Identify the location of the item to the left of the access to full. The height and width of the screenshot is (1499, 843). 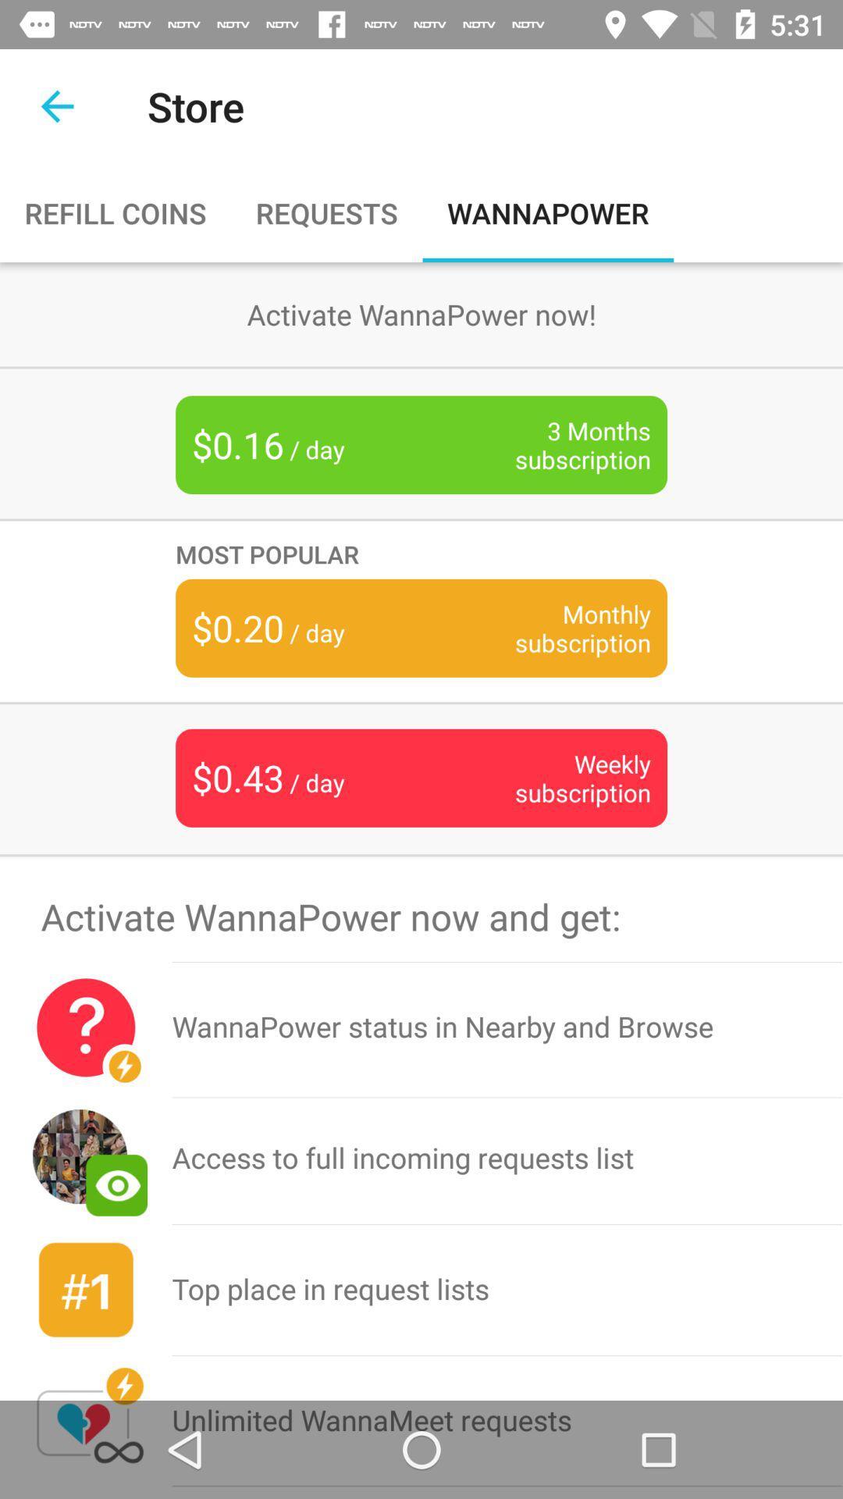
(86, 1290).